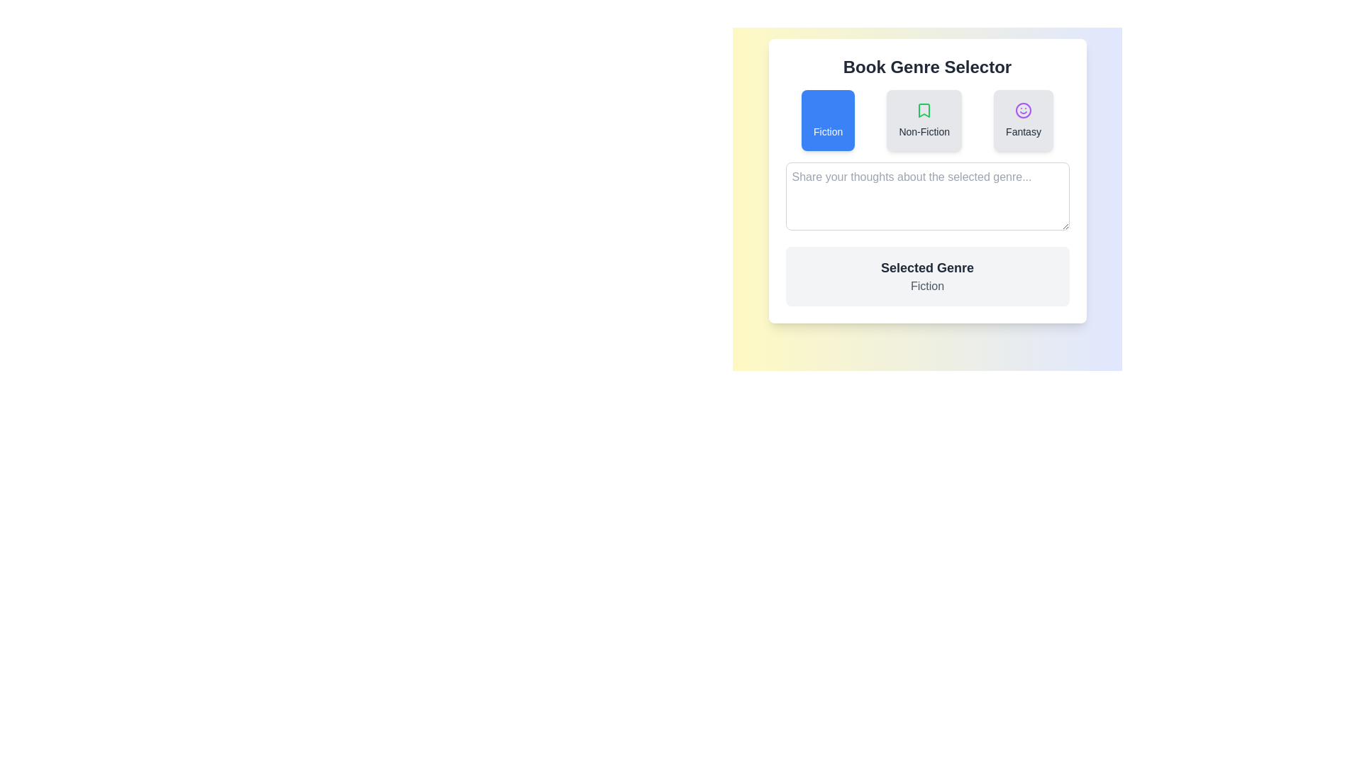  Describe the element at coordinates (1024, 109) in the screenshot. I see `the Decorative icon representing the 'Fantasy' genre, which is centrally located at the top section of the card-like structure labeled 'Fantasy'` at that location.